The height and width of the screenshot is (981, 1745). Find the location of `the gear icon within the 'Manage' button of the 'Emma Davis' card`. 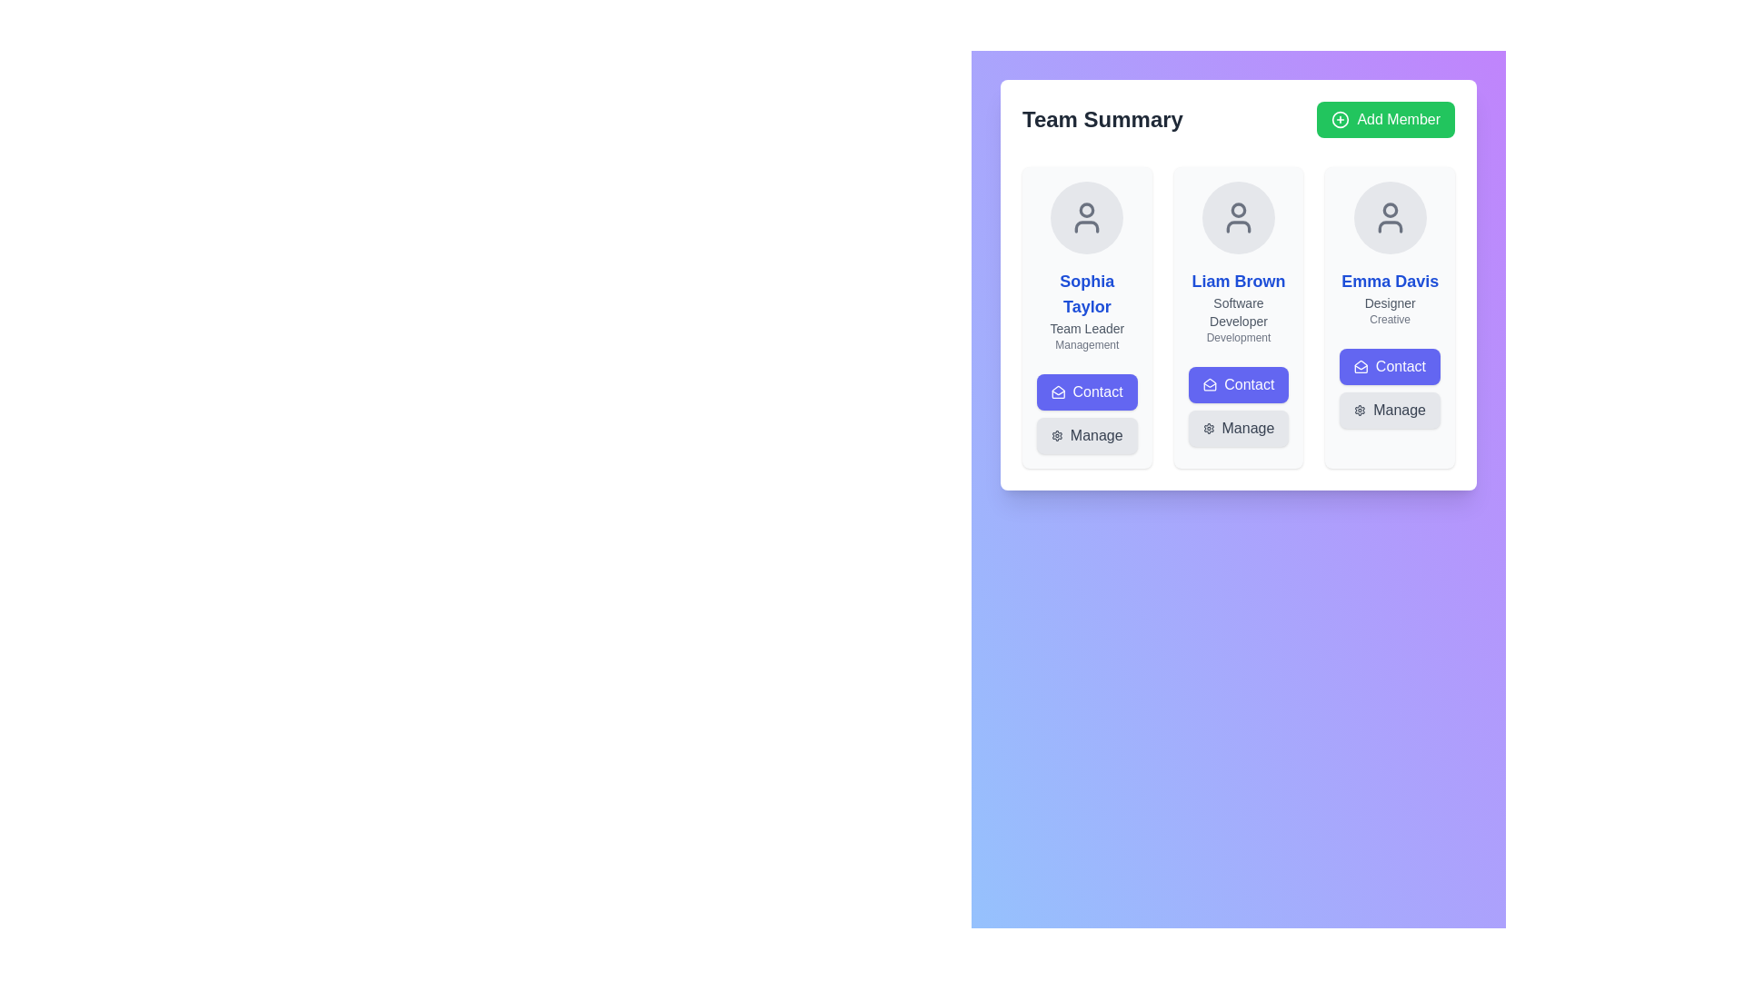

the gear icon within the 'Manage' button of the 'Emma Davis' card is located at coordinates (1360, 410).